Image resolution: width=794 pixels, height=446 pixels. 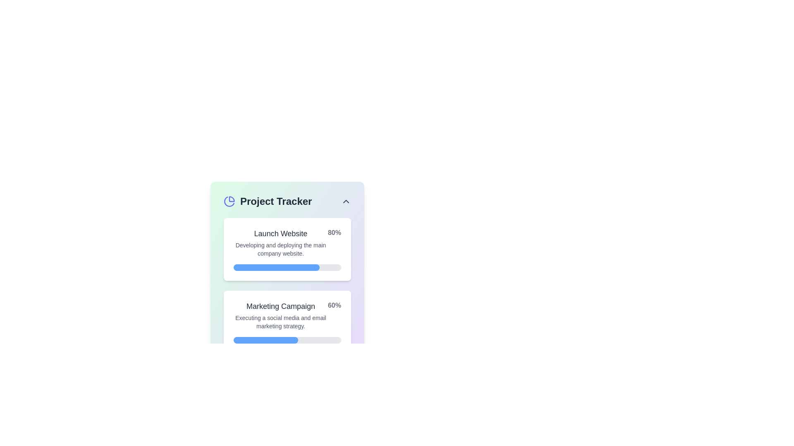 I want to click on the title 'Marketing Campaign' or the progress percentage '60%' in the Informational Card, which is styled as a card and located below the 'Launch Website' card, so click(x=287, y=315).